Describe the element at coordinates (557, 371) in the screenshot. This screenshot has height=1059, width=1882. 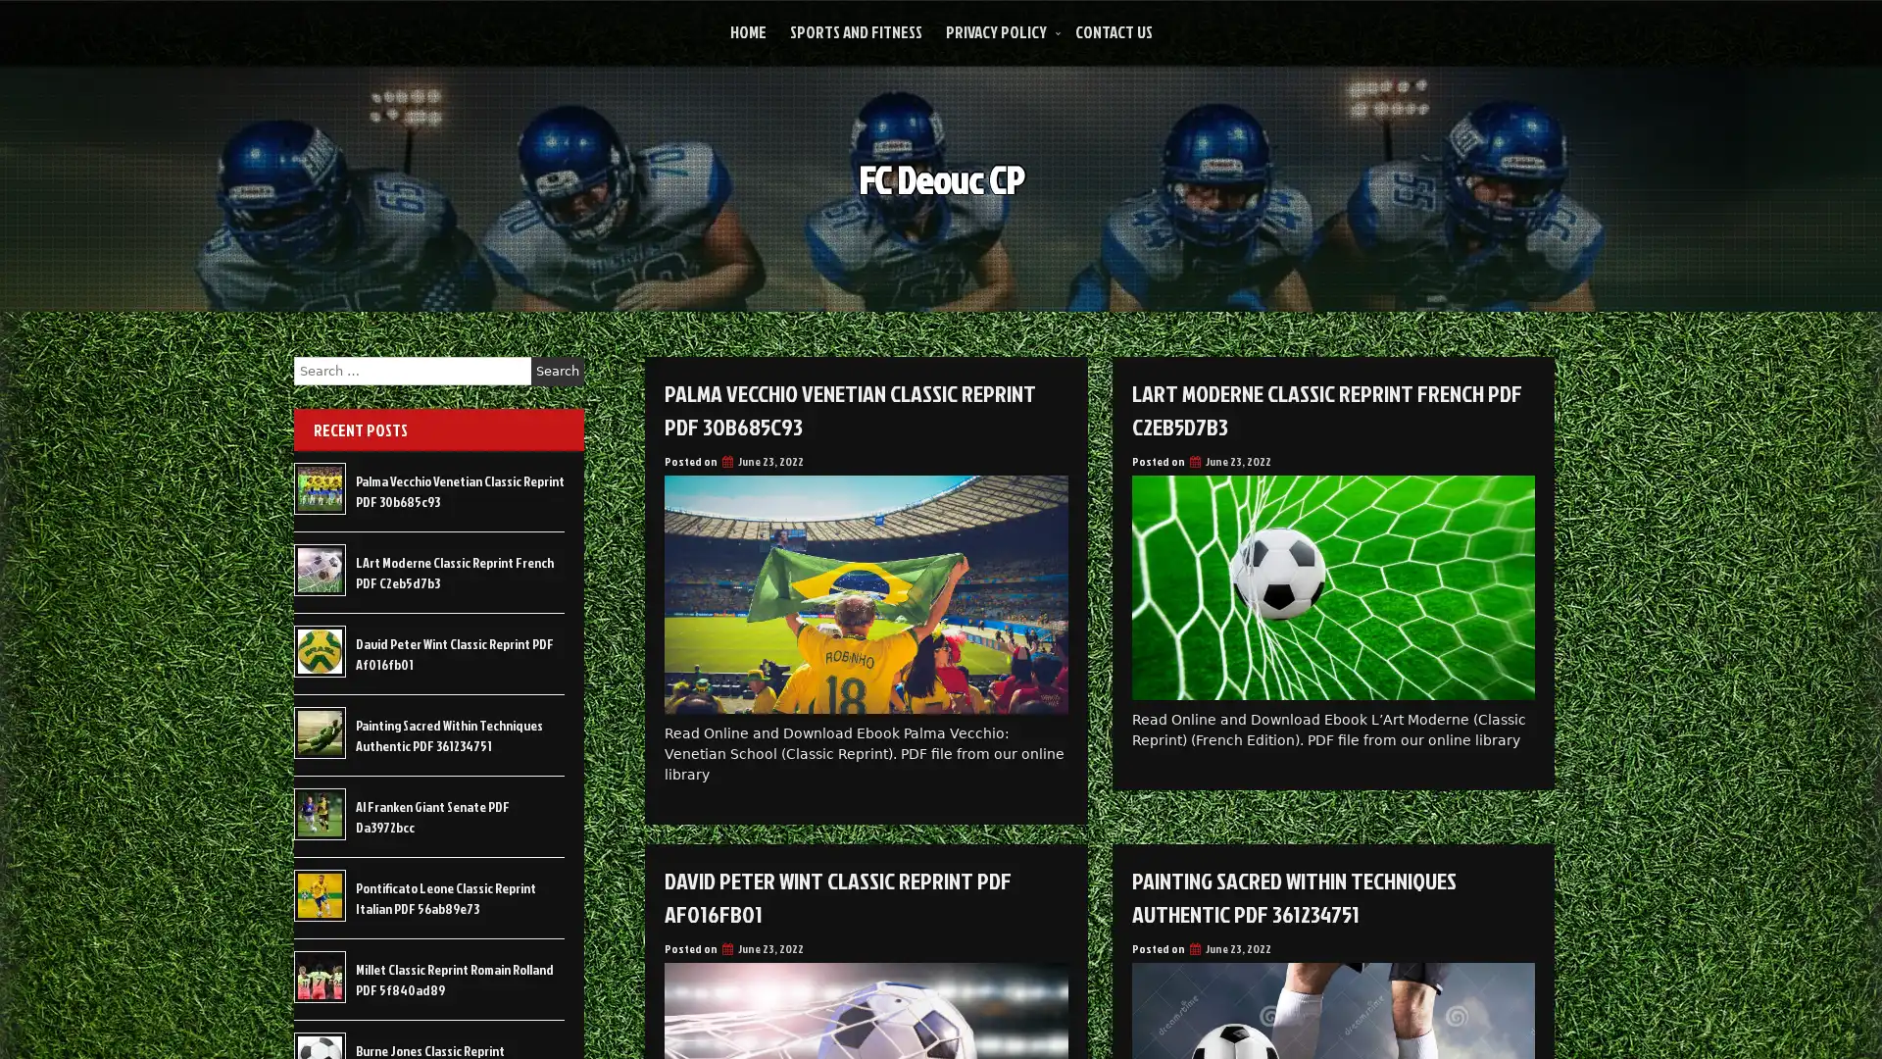
I see `Search` at that location.